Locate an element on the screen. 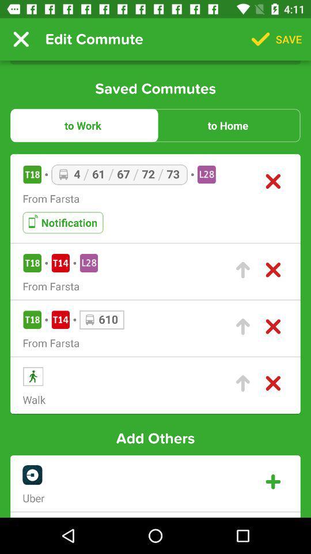 This screenshot has width=311, height=554. the item to the right of the to work item is located at coordinates (227, 125).